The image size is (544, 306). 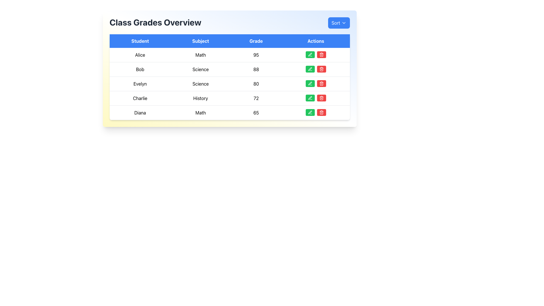 I want to click on the delete button located in the 'Actions' column of the table, so click(x=321, y=54).